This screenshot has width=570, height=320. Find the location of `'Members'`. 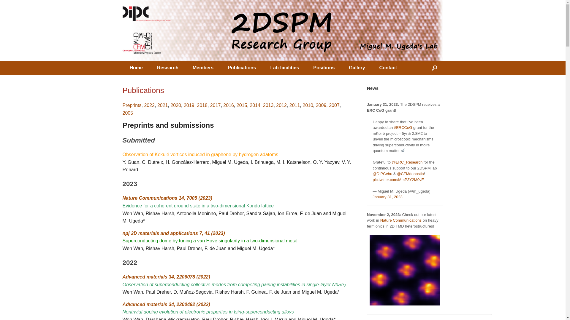

'Members' is located at coordinates (203, 67).